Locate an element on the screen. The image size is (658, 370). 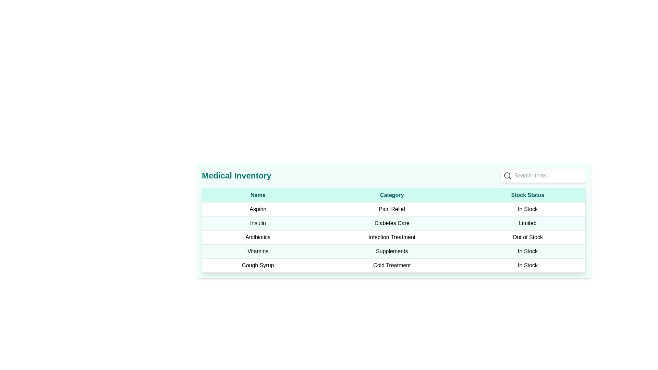
the text input field with a white background, rounded corners, and a magnifying glass icon is located at coordinates (543, 175).